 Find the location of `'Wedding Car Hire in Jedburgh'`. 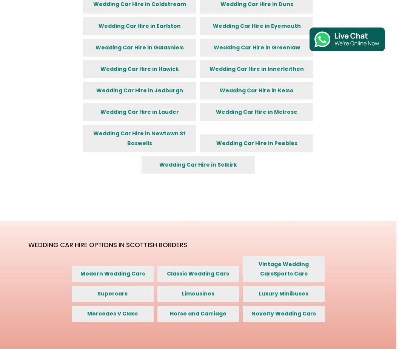

'Wedding Car Hire in Jedburgh' is located at coordinates (95, 90).